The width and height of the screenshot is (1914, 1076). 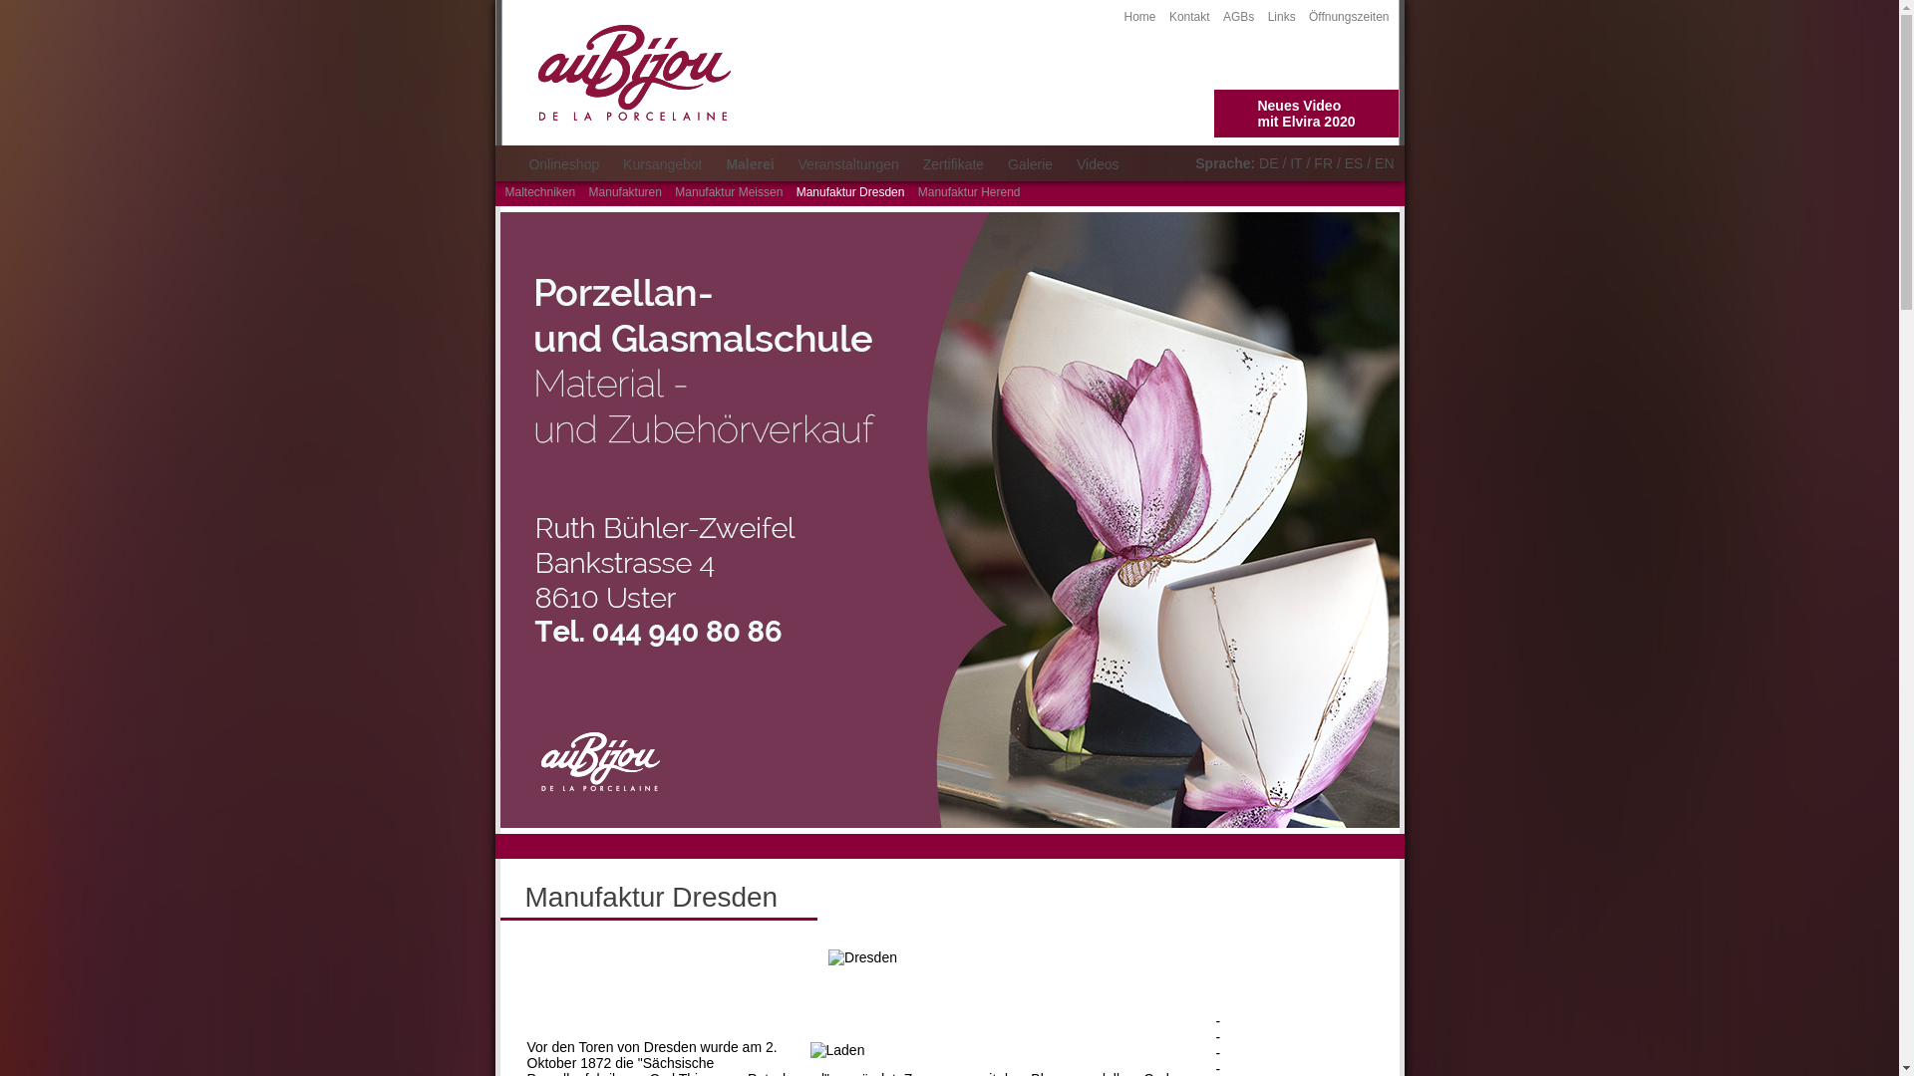 I want to click on 'Veranstaltungen', so click(x=848, y=163).